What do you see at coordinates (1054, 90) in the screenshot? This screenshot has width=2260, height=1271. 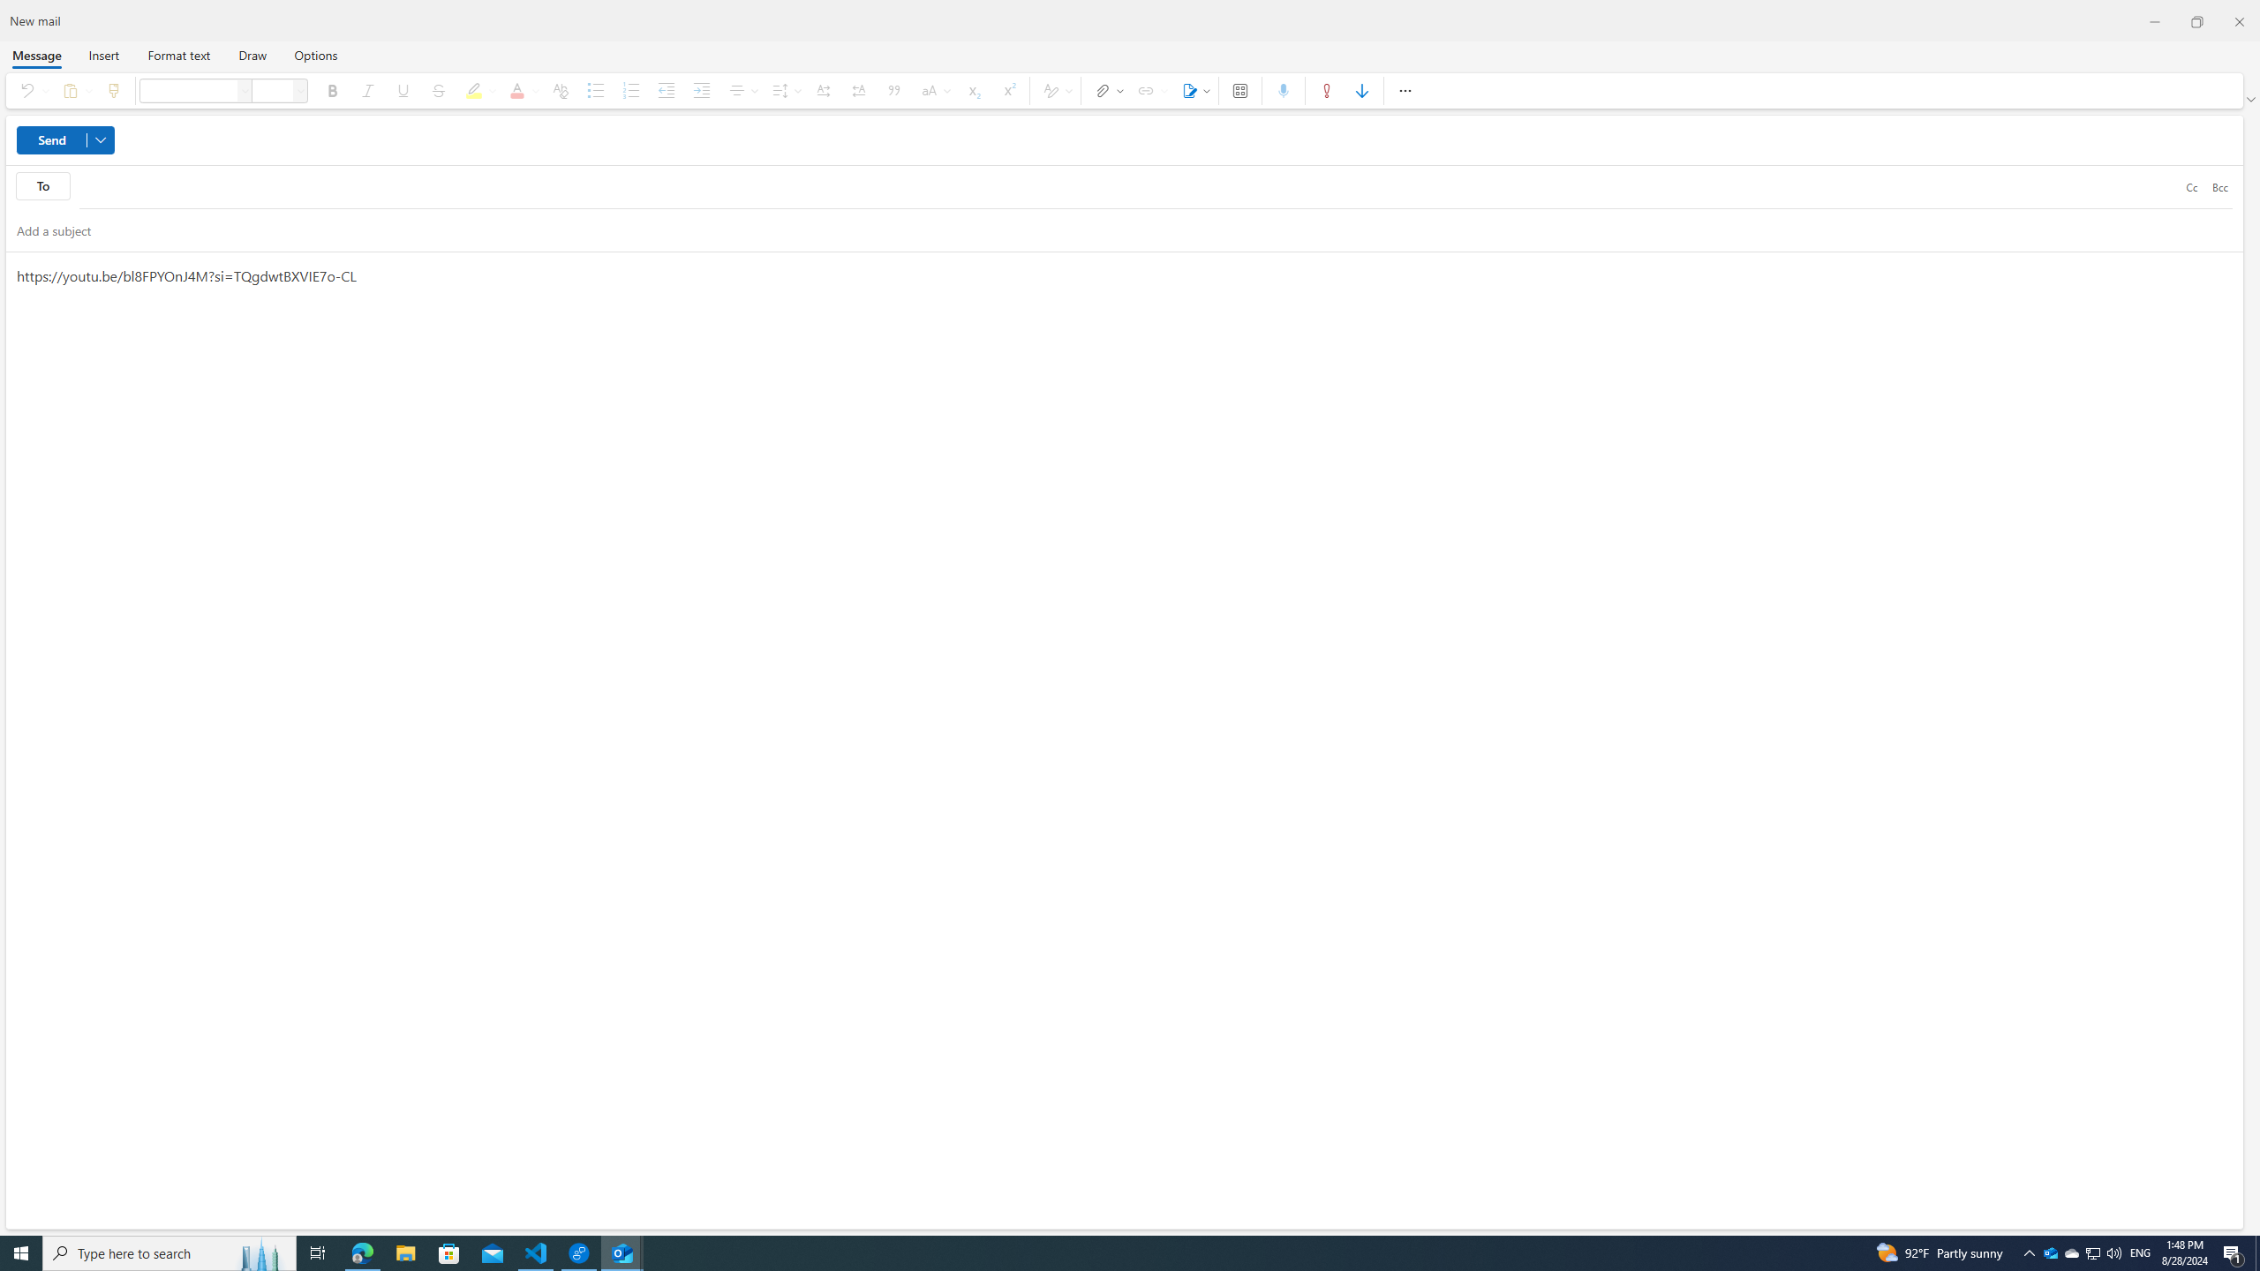 I see `'Styles'` at bounding box center [1054, 90].